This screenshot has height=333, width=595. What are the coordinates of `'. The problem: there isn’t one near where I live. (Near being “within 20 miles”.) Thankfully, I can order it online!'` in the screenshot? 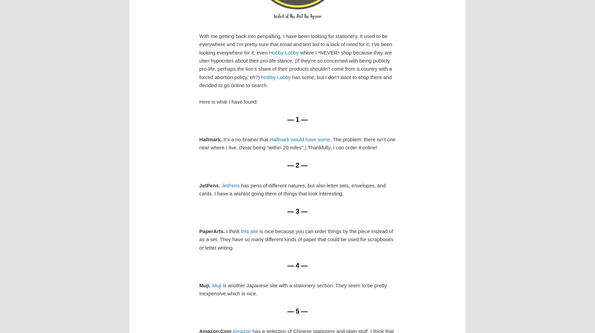 It's located at (297, 143).